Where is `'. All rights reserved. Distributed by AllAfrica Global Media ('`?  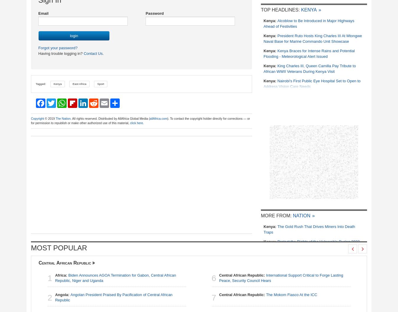
'. All rights reserved. Distributed by AllAfrica Global Media (' is located at coordinates (70, 118).